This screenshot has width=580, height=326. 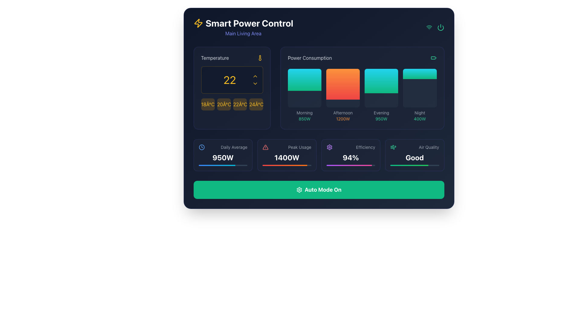 What do you see at coordinates (393, 147) in the screenshot?
I see `the decorative air quality icon located in the top-left area of the 'Air Quality' section, to the left of the 'Air Quality' text` at bounding box center [393, 147].